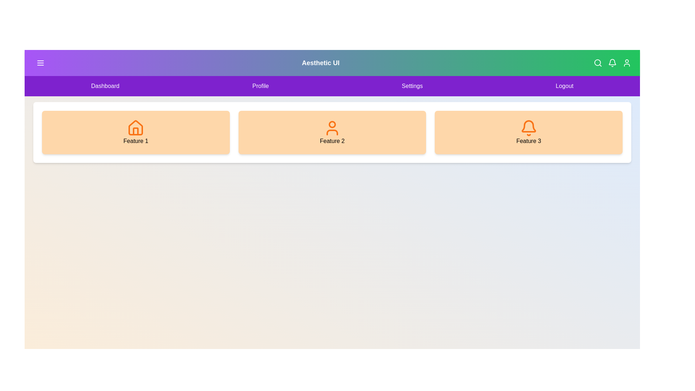  What do you see at coordinates (612, 62) in the screenshot?
I see `the notifications icon in the header` at bounding box center [612, 62].